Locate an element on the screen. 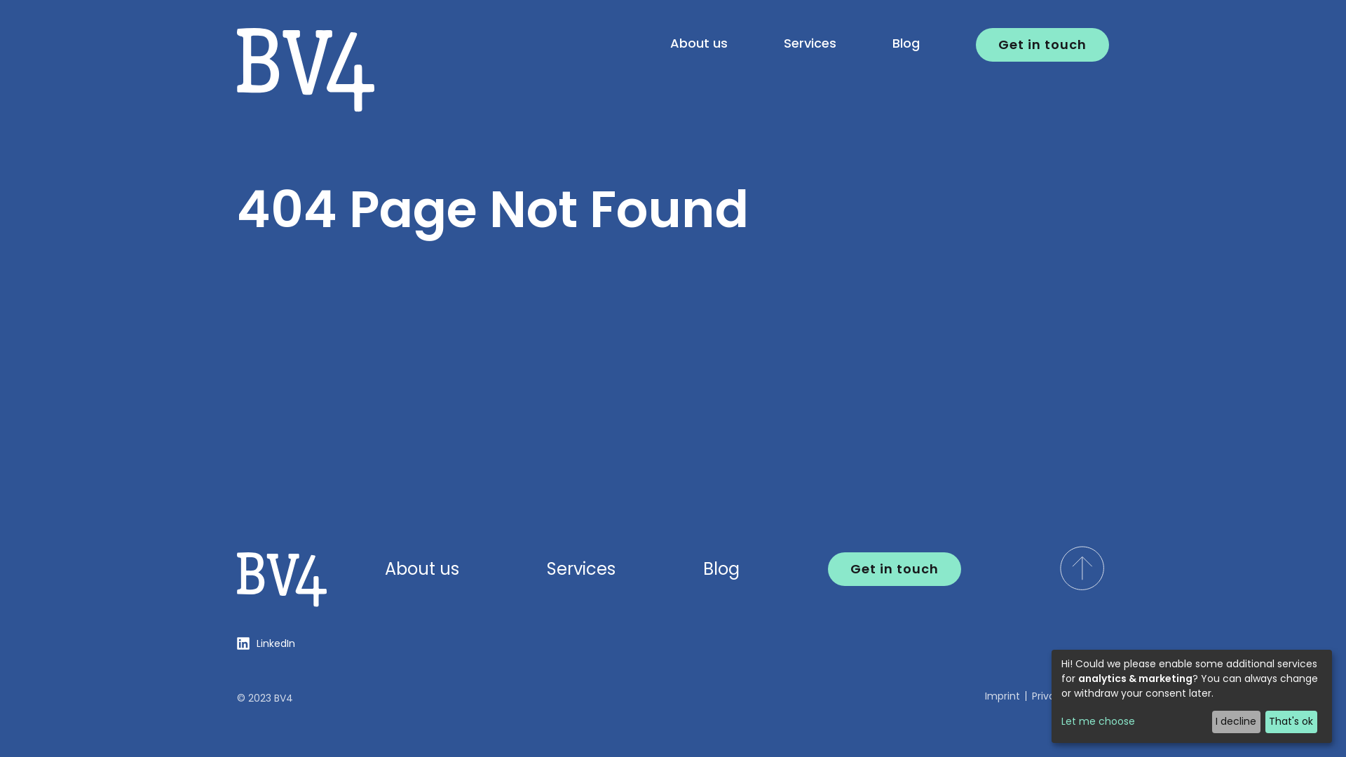 Image resolution: width=1346 pixels, height=757 pixels. 'Imprint' is located at coordinates (1002, 695).